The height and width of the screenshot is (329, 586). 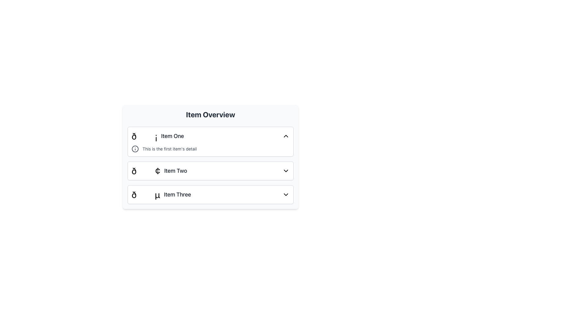 What do you see at coordinates (135, 149) in the screenshot?
I see `the informational tooltip icon located to the left of the text 'This is the first item's detail' in the first subsection of the list under 'Item One'` at bounding box center [135, 149].